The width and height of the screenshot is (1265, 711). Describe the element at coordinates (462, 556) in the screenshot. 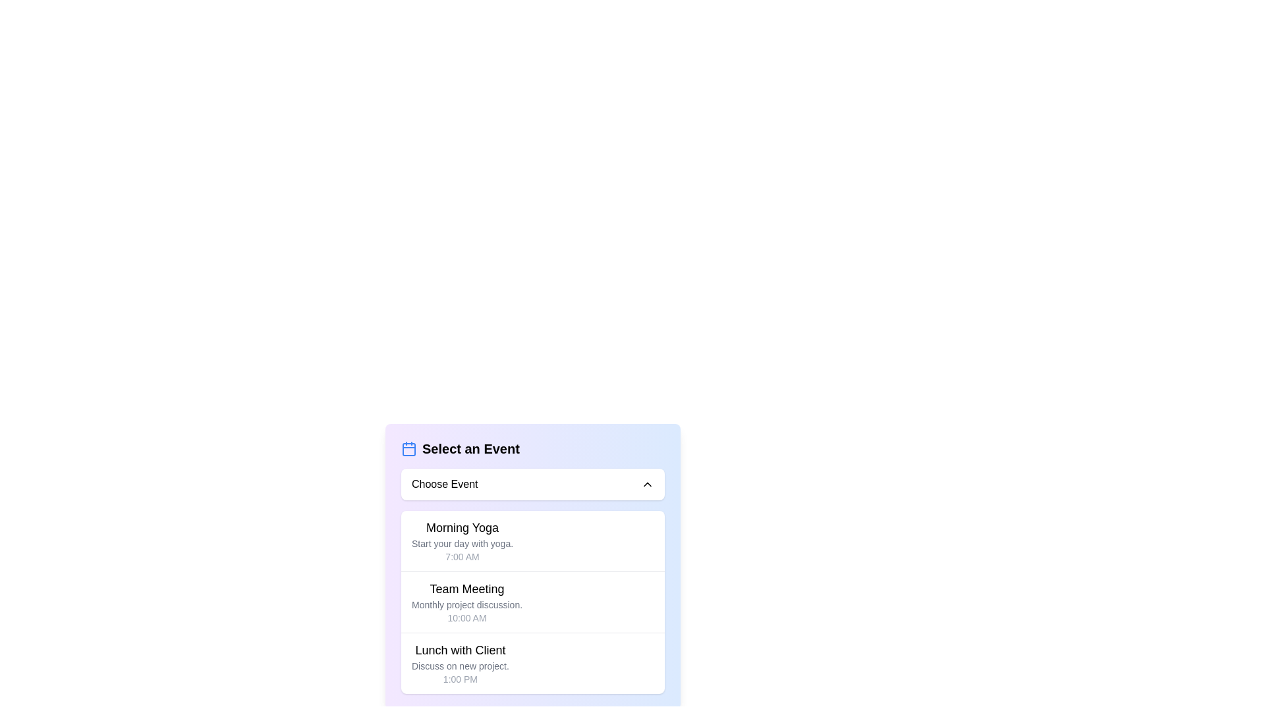

I see `the informational label displaying the time for the 'Morning Yoga' event, located at the bottom right corner of the event section` at that location.